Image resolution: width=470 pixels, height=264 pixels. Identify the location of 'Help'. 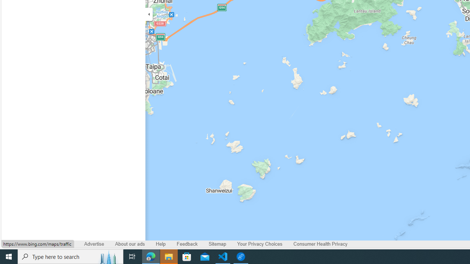
(160, 244).